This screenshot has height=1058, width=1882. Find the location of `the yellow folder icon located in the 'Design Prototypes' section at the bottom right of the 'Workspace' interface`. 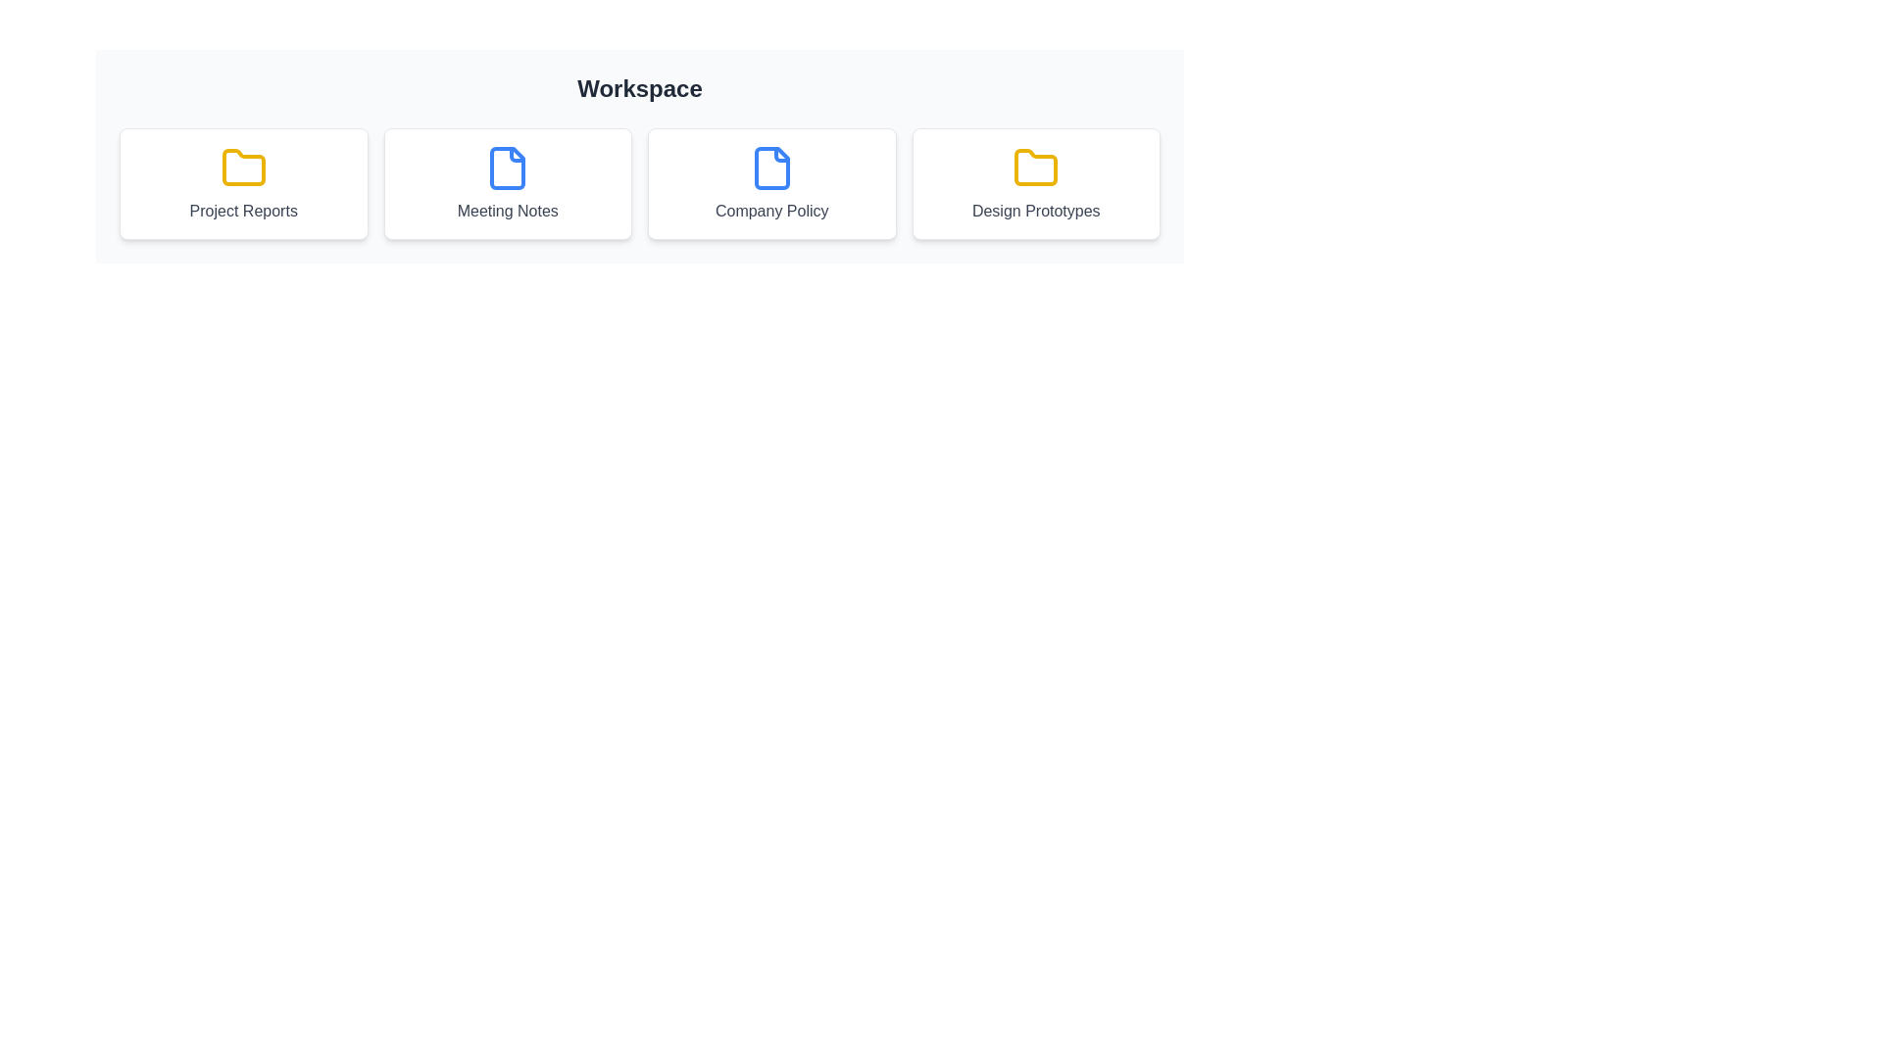

the yellow folder icon located in the 'Design Prototypes' section at the bottom right of the 'Workspace' interface is located at coordinates (1035, 166).